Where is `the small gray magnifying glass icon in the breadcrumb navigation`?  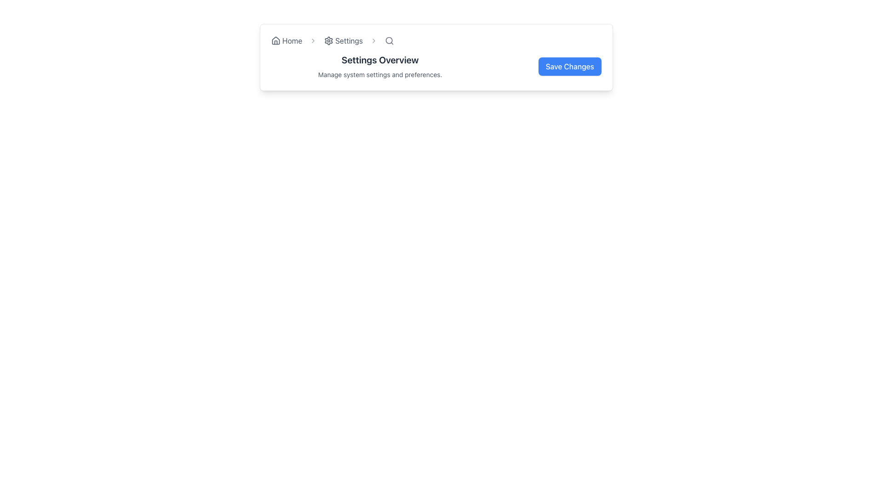 the small gray magnifying glass icon in the breadcrumb navigation is located at coordinates (390, 40).